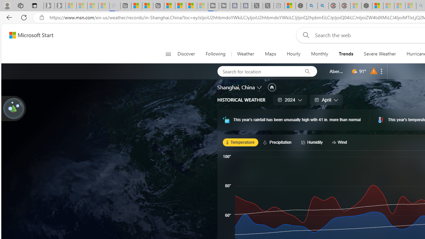 This screenshot has height=239, width=425. What do you see at coordinates (270, 54) in the screenshot?
I see `'Maps'` at bounding box center [270, 54].